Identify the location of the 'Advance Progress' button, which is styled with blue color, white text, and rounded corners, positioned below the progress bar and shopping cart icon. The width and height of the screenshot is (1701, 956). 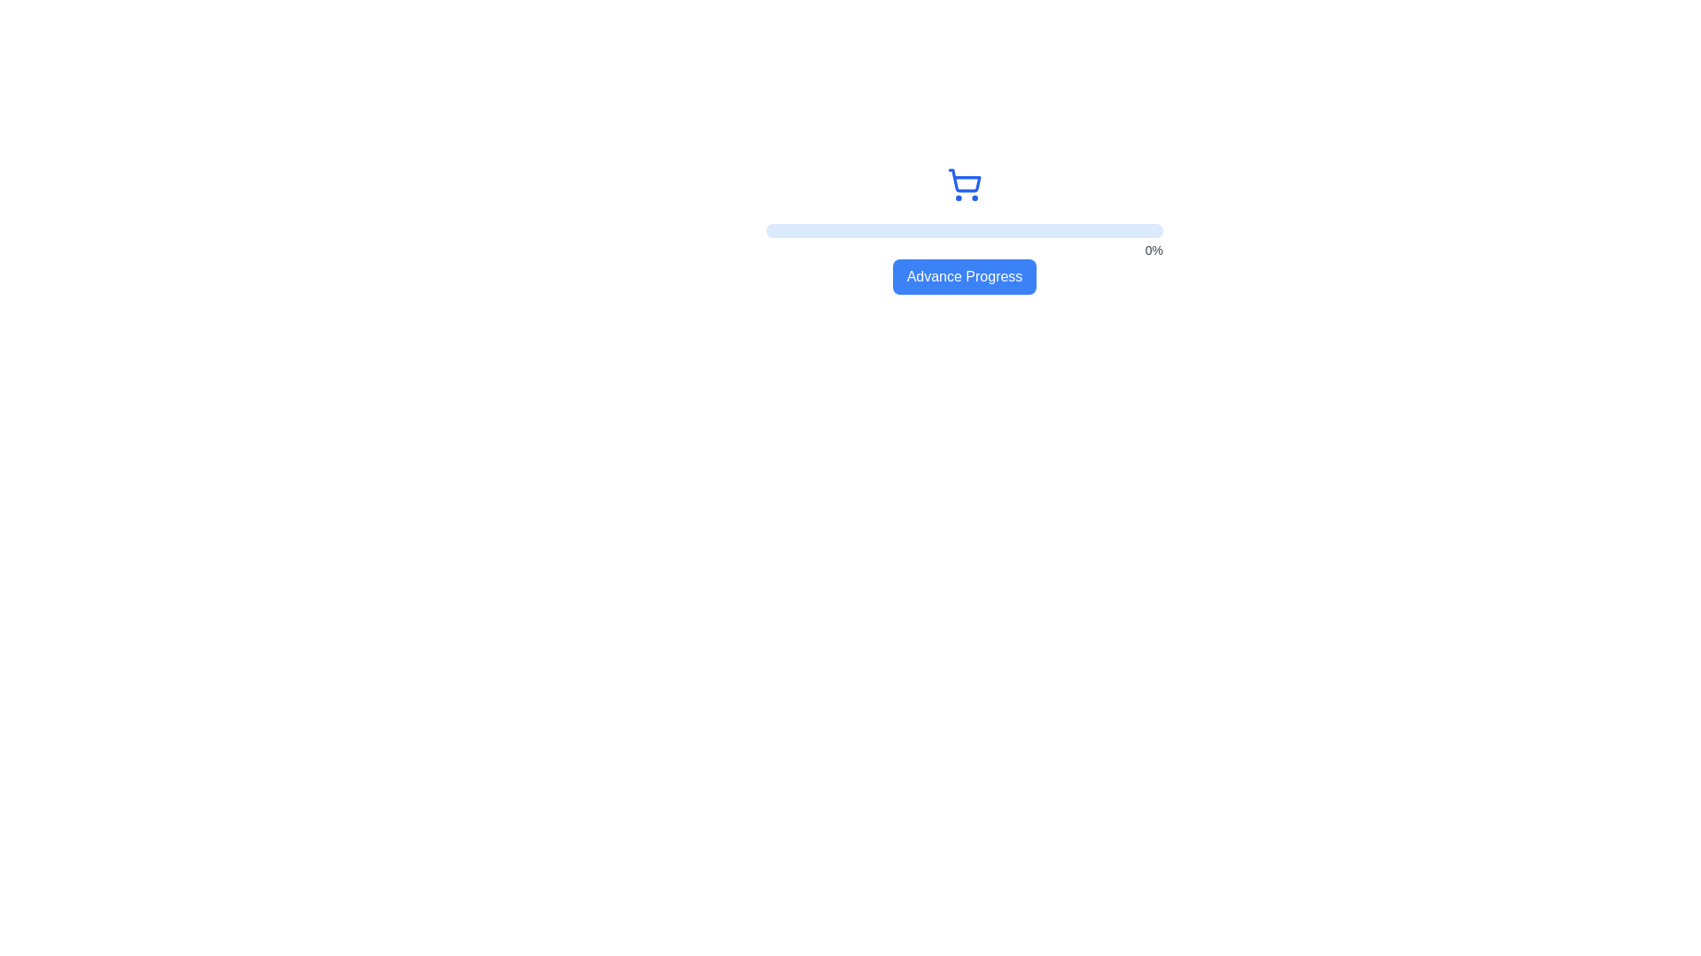
(964, 276).